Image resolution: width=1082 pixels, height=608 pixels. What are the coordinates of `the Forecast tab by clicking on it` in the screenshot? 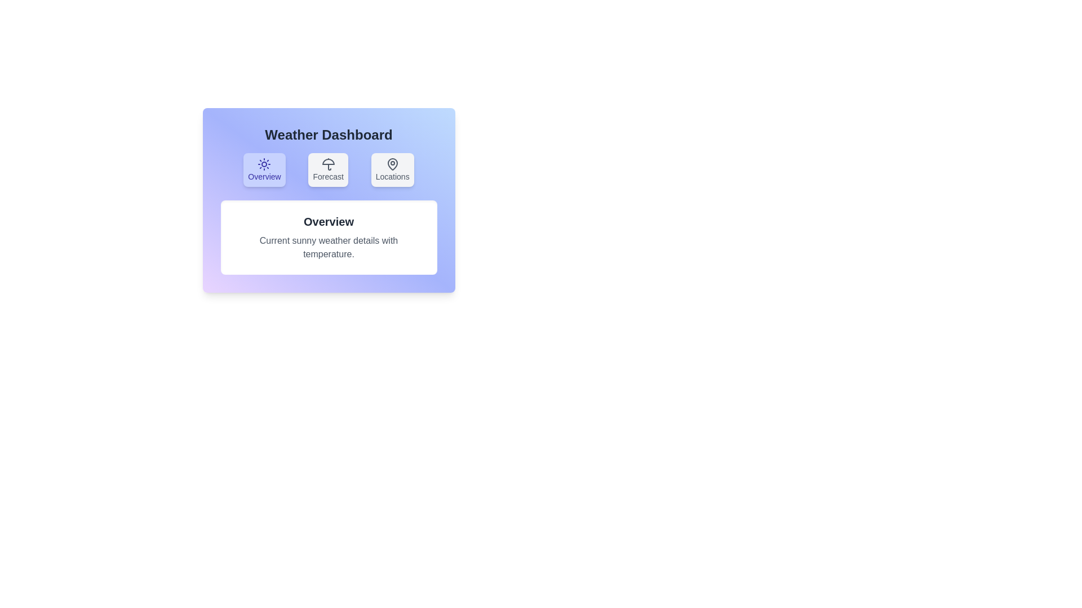 It's located at (327, 169).